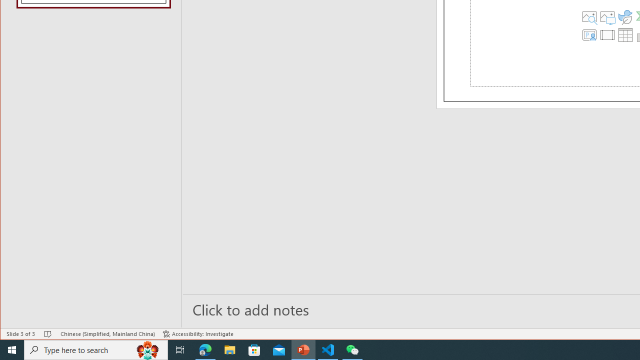  What do you see at coordinates (589, 34) in the screenshot?
I see `'Insert Cameo'` at bounding box center [589, 34].